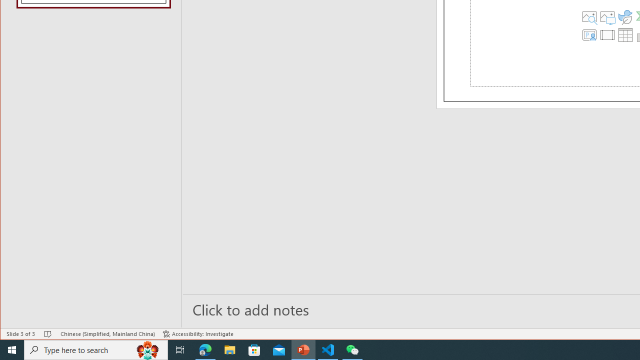  What do you see at coordinates (589, 34) in the screenshot?
I see `'Insert Cameo'` at bounding box center [589, 34].